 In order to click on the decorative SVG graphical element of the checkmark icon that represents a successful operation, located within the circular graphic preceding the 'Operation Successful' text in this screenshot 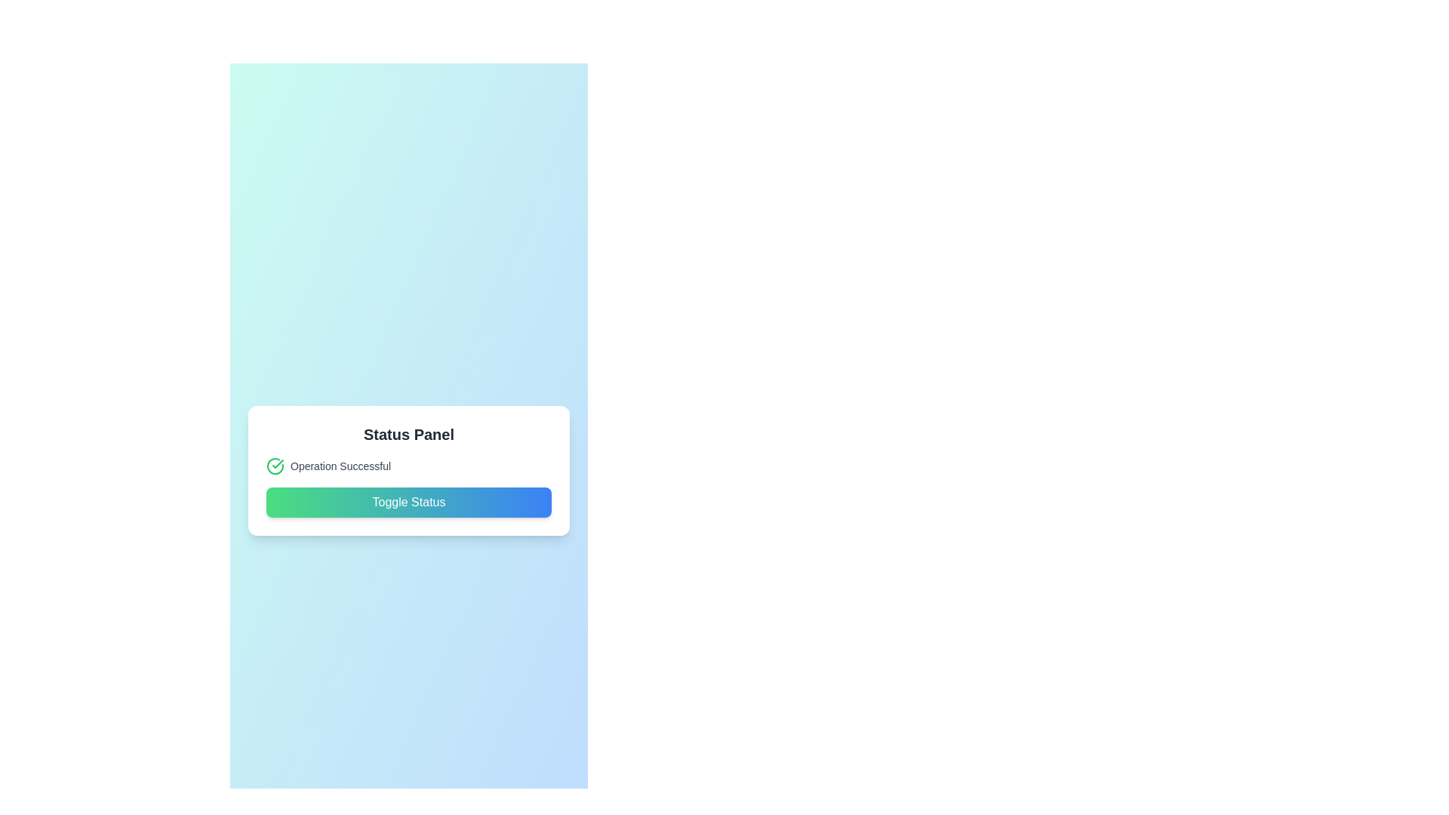, I will do `click(275, 465)`.